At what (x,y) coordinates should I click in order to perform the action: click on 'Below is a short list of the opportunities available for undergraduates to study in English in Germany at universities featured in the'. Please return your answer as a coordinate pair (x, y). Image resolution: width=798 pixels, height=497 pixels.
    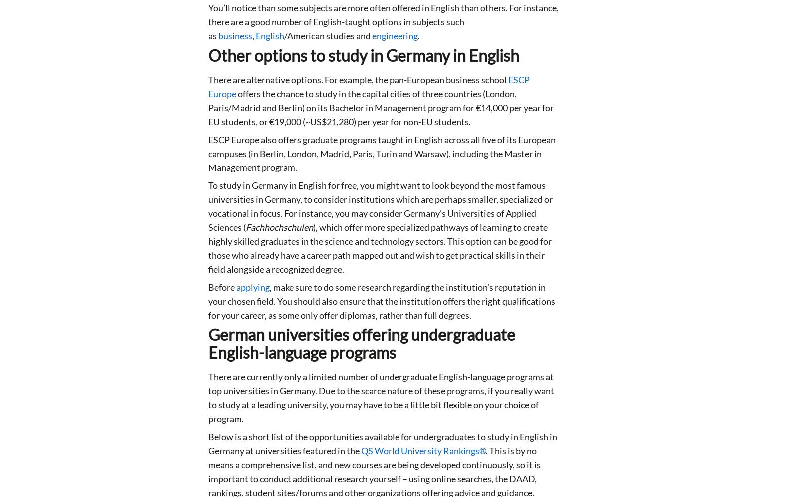
    Looking at the image, I should click on (383, 443).